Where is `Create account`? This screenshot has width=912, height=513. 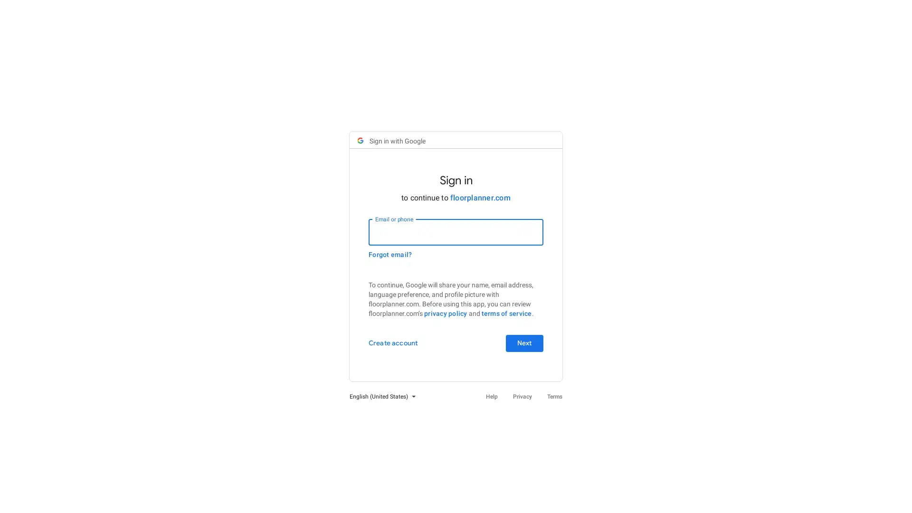 Create account is located at coordinates (393, 343).